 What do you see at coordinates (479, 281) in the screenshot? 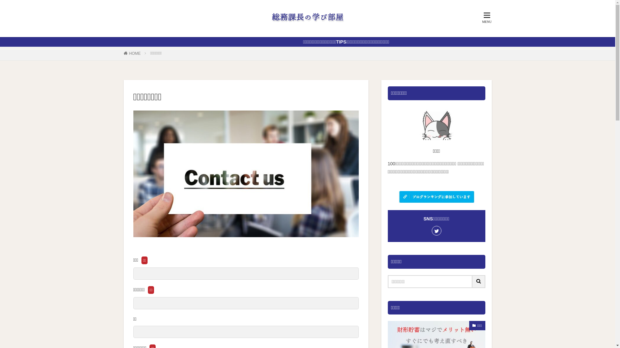
I see `'search'` at bounding box center [479, 281].